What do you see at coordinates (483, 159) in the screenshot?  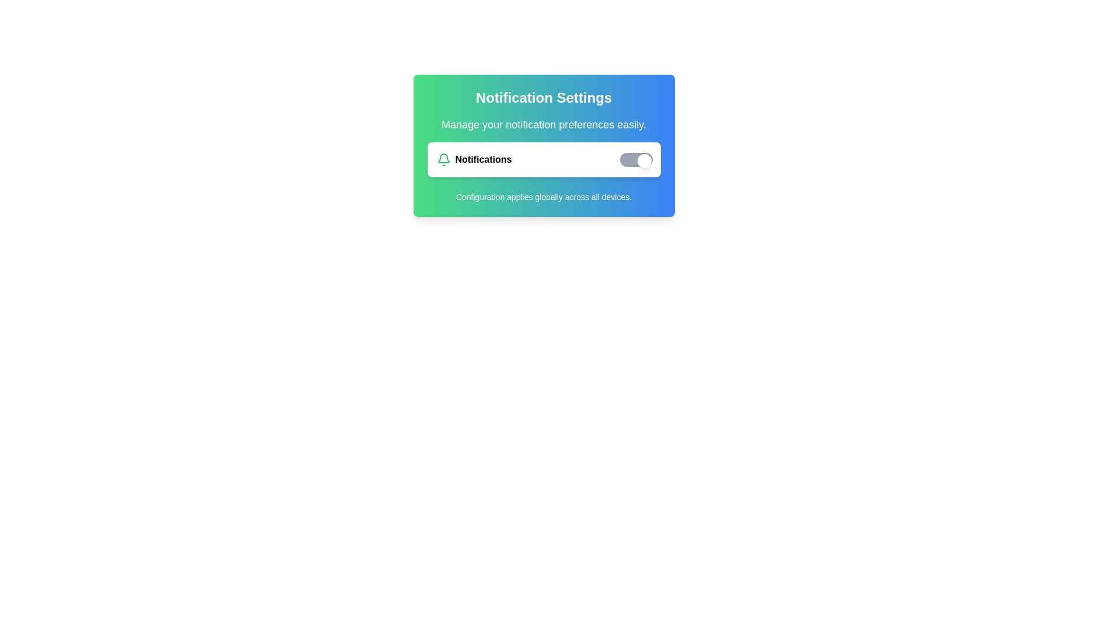 I see `the static text label indicating the purpose of the associated toggle switch and bell icon for managing notification preferences` at bounding box center [483, 159].